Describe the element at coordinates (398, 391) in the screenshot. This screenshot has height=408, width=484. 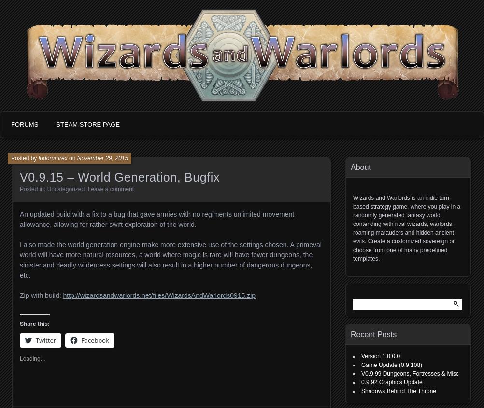
I see `'Shadows Behind The Throne'` at that location.